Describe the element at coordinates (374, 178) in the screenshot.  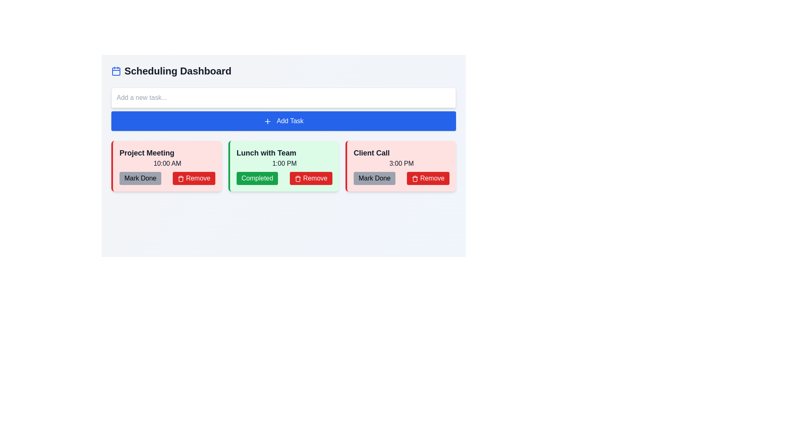
I see `the leftmost button in the horizontal button group at the bottom of the 'Client Call' card (3:00 PM)` at that location.